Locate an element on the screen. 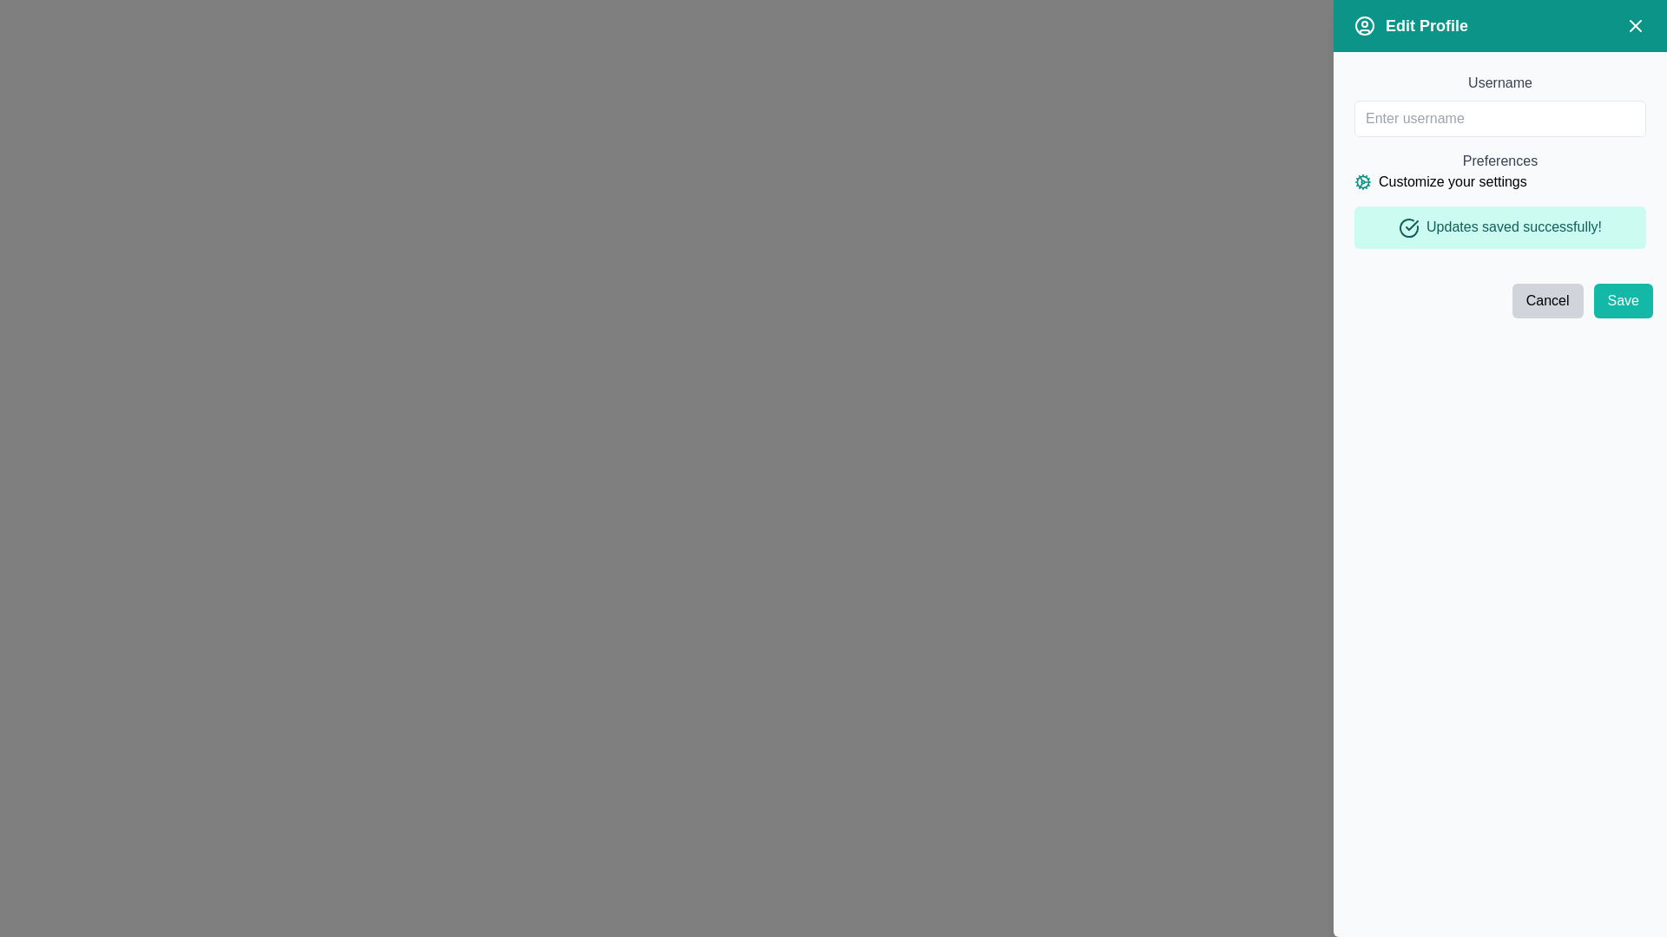  the 'Save' button located at the bottom-right corner of the 'Edit Profile' dialog box to change its color is located at coordinates (1622, 299).